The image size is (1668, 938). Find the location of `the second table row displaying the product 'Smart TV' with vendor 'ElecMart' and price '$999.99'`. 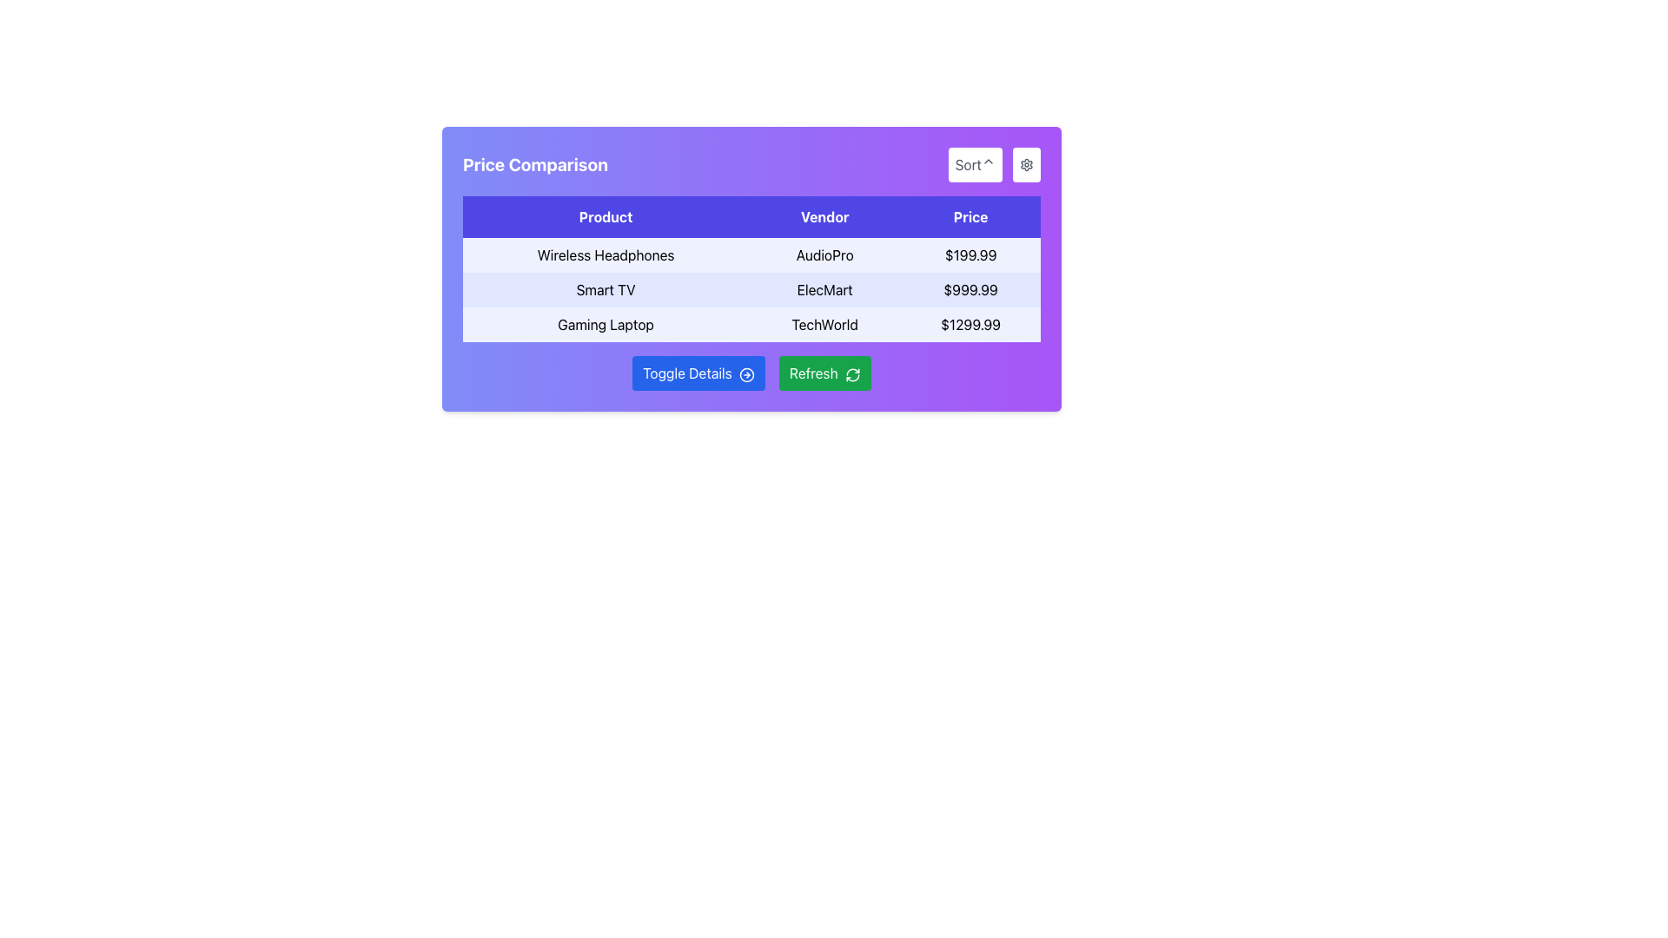

the second table row displaying the product 'Smart TV' with vendor 'ElecMart' and price '$999.99' is located at coordinates (751, 289).